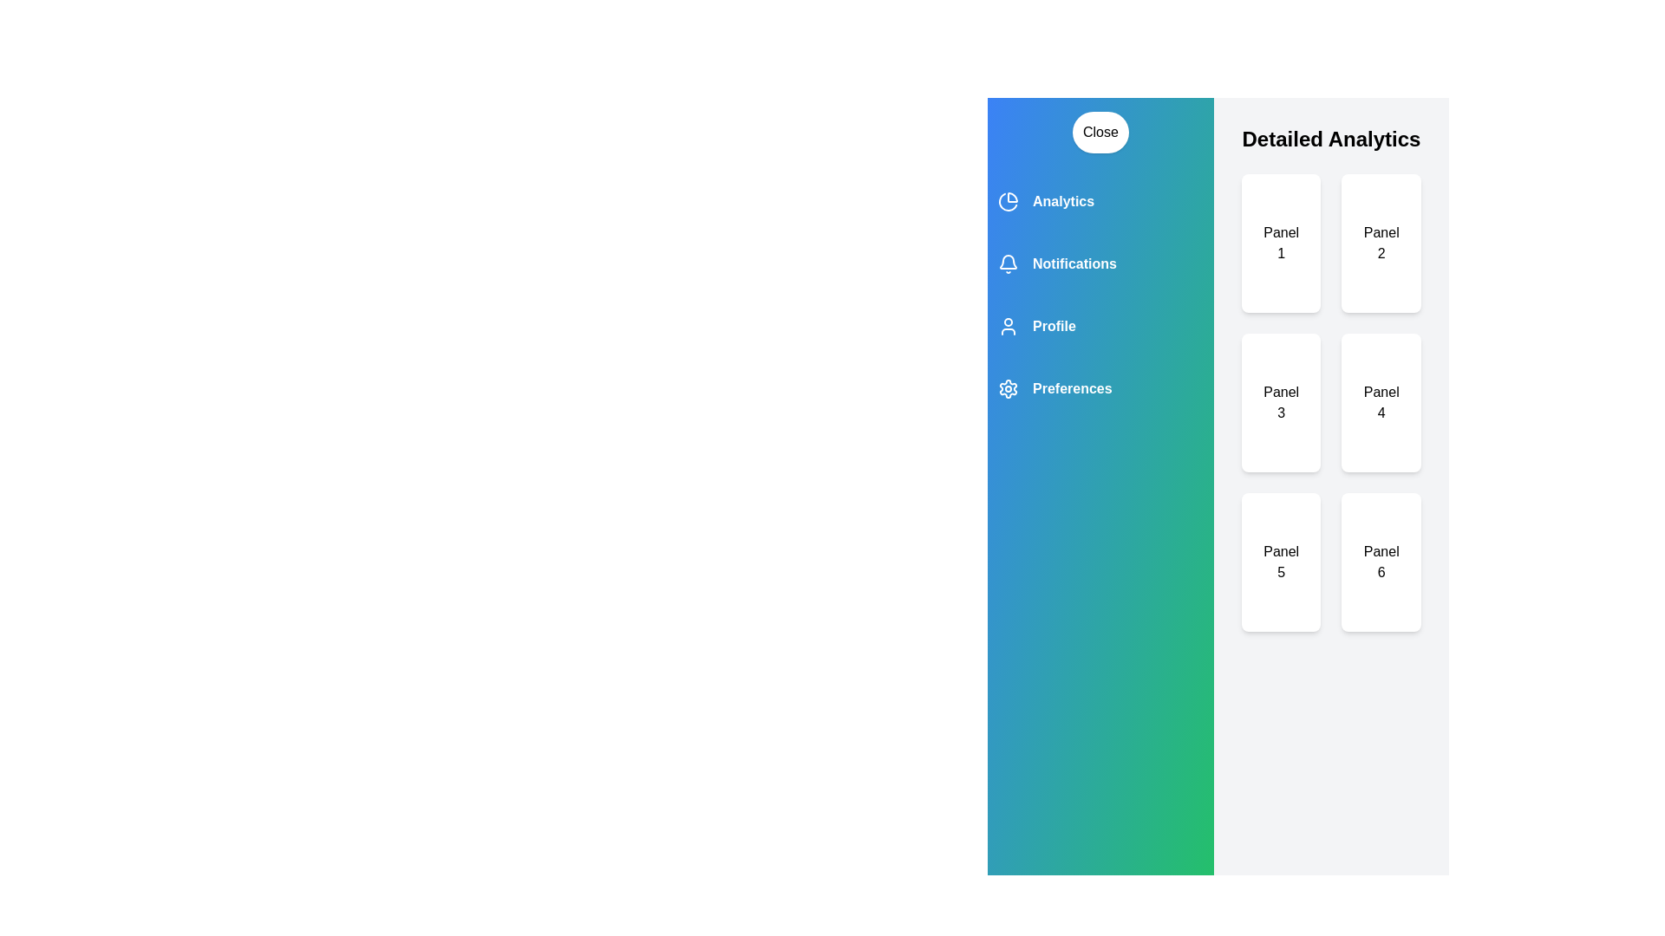 This screenshot has height=936, width=1665. What do you see at coordinates (1330, 139) in the screenshot?
I see `the 'Detailed Analytics' section to focus on it` at bounding box center [1330, 139].